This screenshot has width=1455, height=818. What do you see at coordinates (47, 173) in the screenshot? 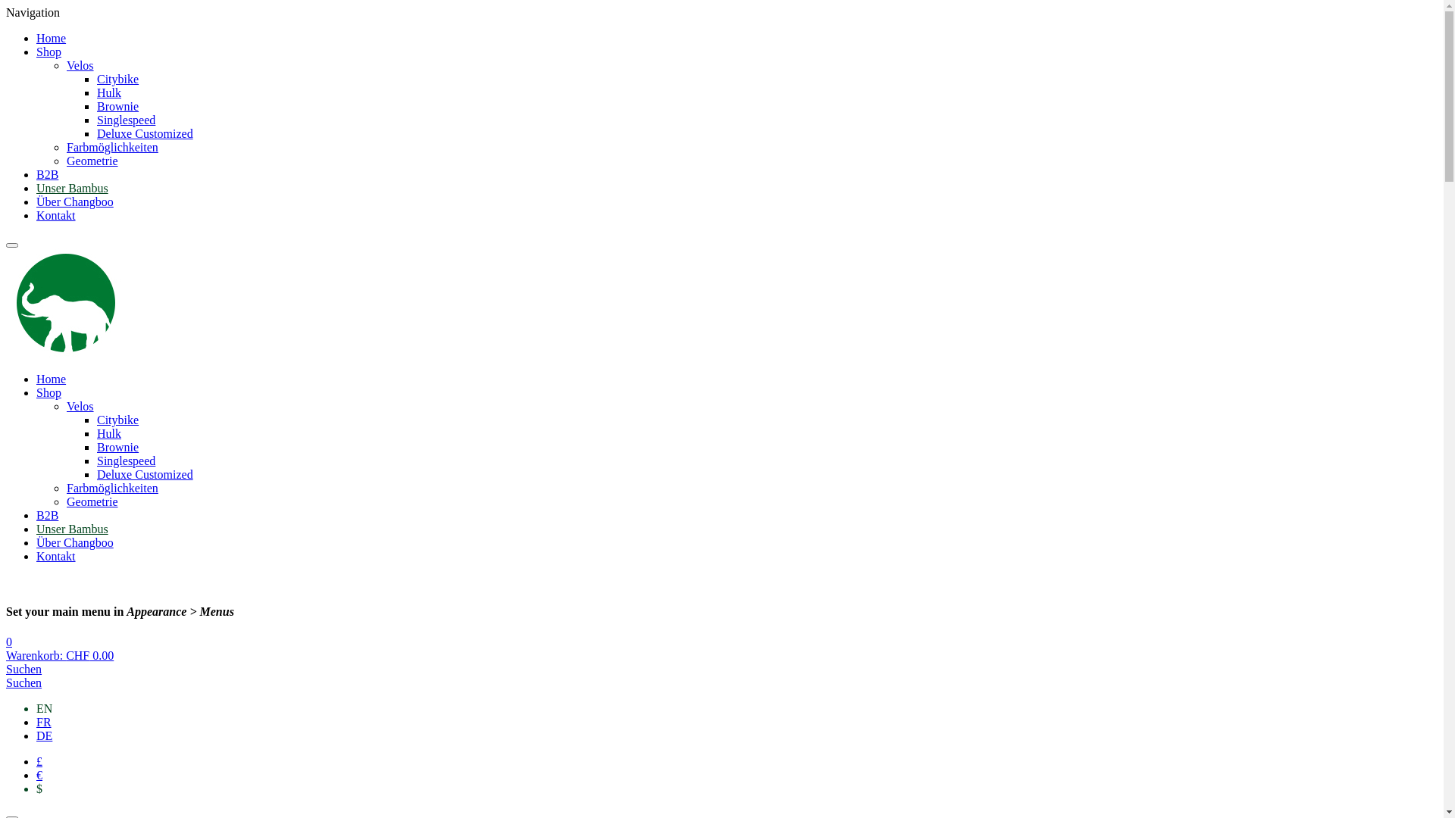
I see `'B2B'` at bounding box center [47, 173].